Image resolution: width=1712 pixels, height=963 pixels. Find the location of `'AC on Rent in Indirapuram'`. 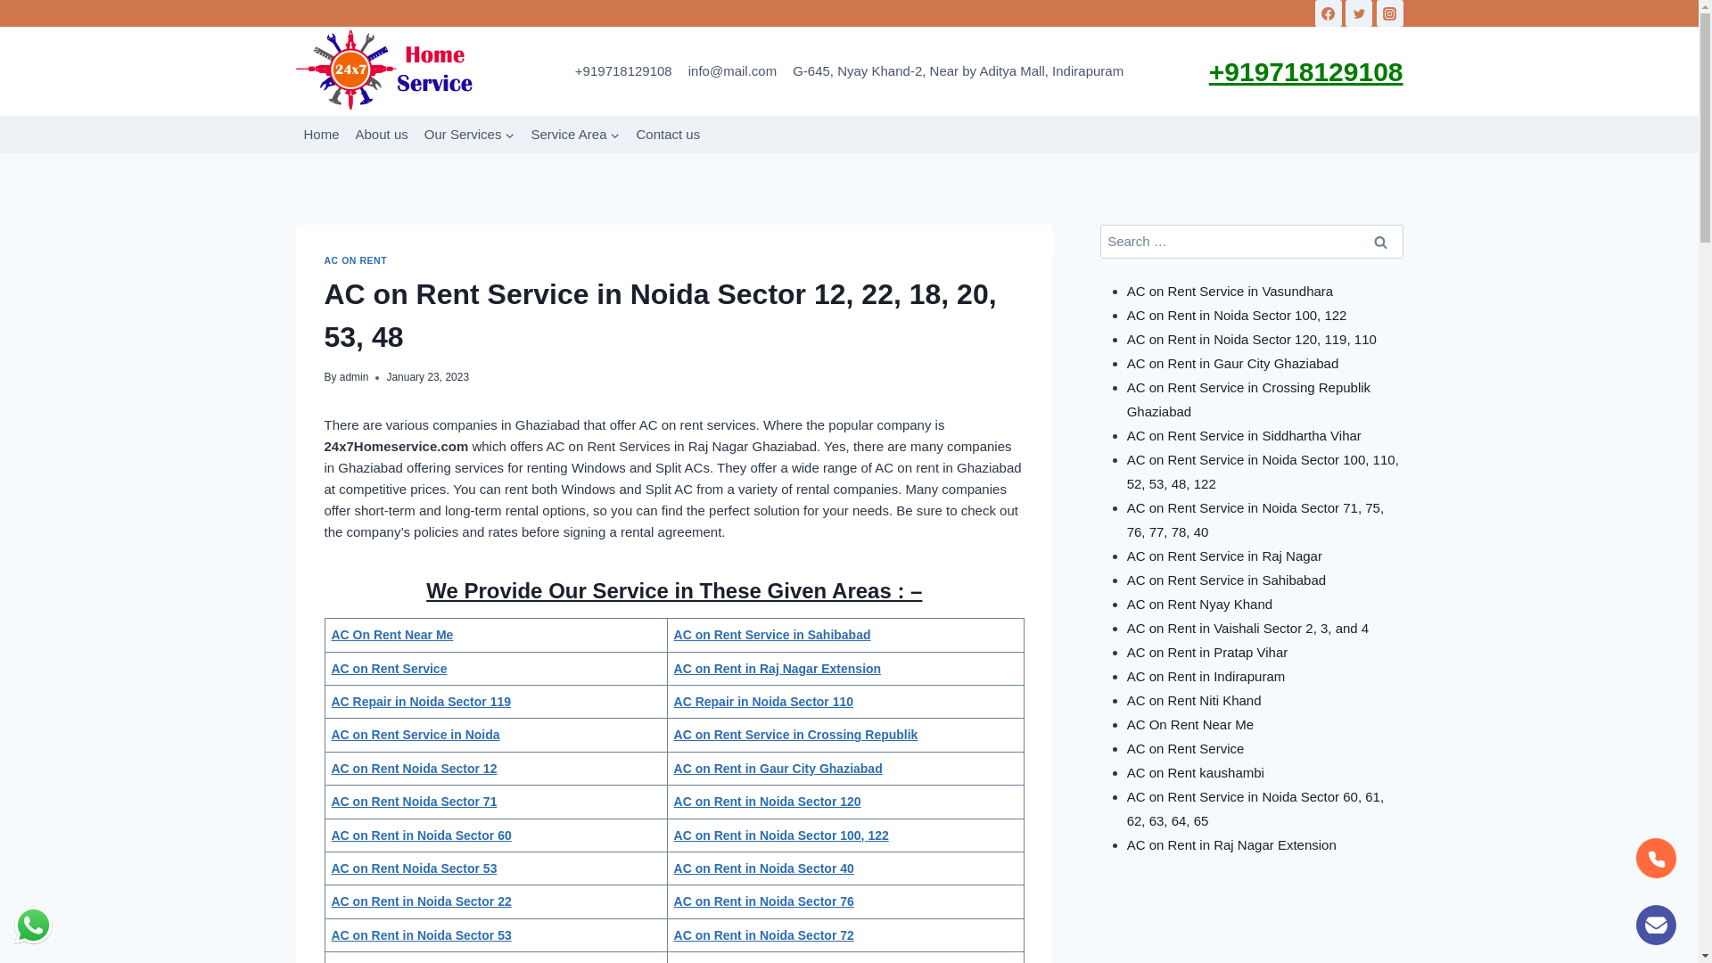

'AC on Rent in Indirapuram' is located at coordinates (1206, 676).